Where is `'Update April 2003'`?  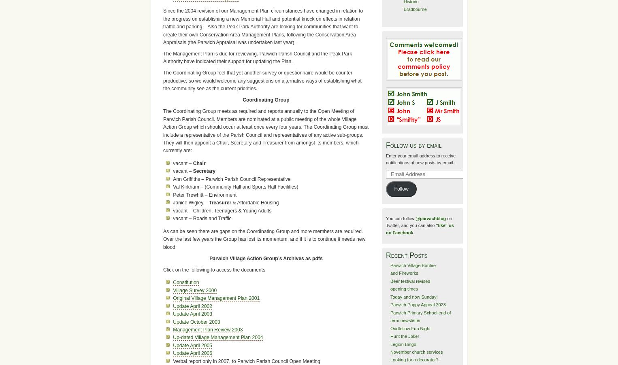 'Update April 2003' is located at coordinates (192, 313).